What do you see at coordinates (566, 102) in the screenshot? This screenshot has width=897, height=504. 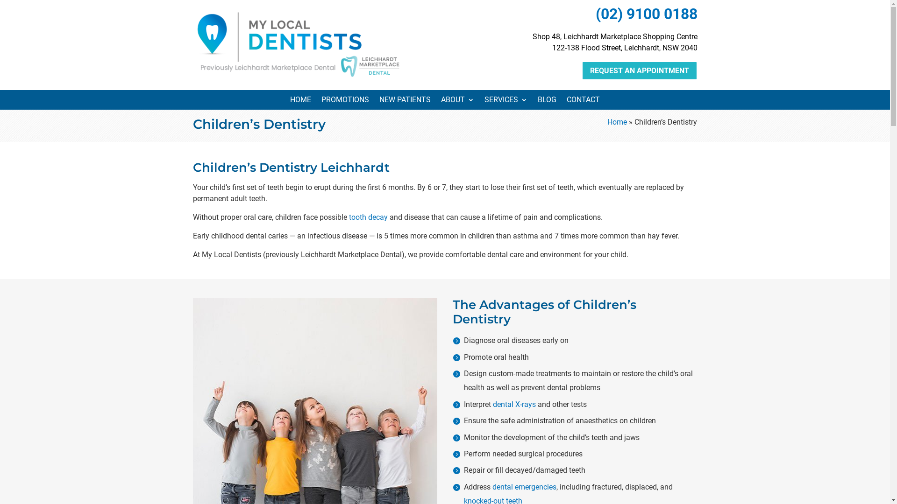 I see `'CONTACT'` at bounding box center [566, 102].